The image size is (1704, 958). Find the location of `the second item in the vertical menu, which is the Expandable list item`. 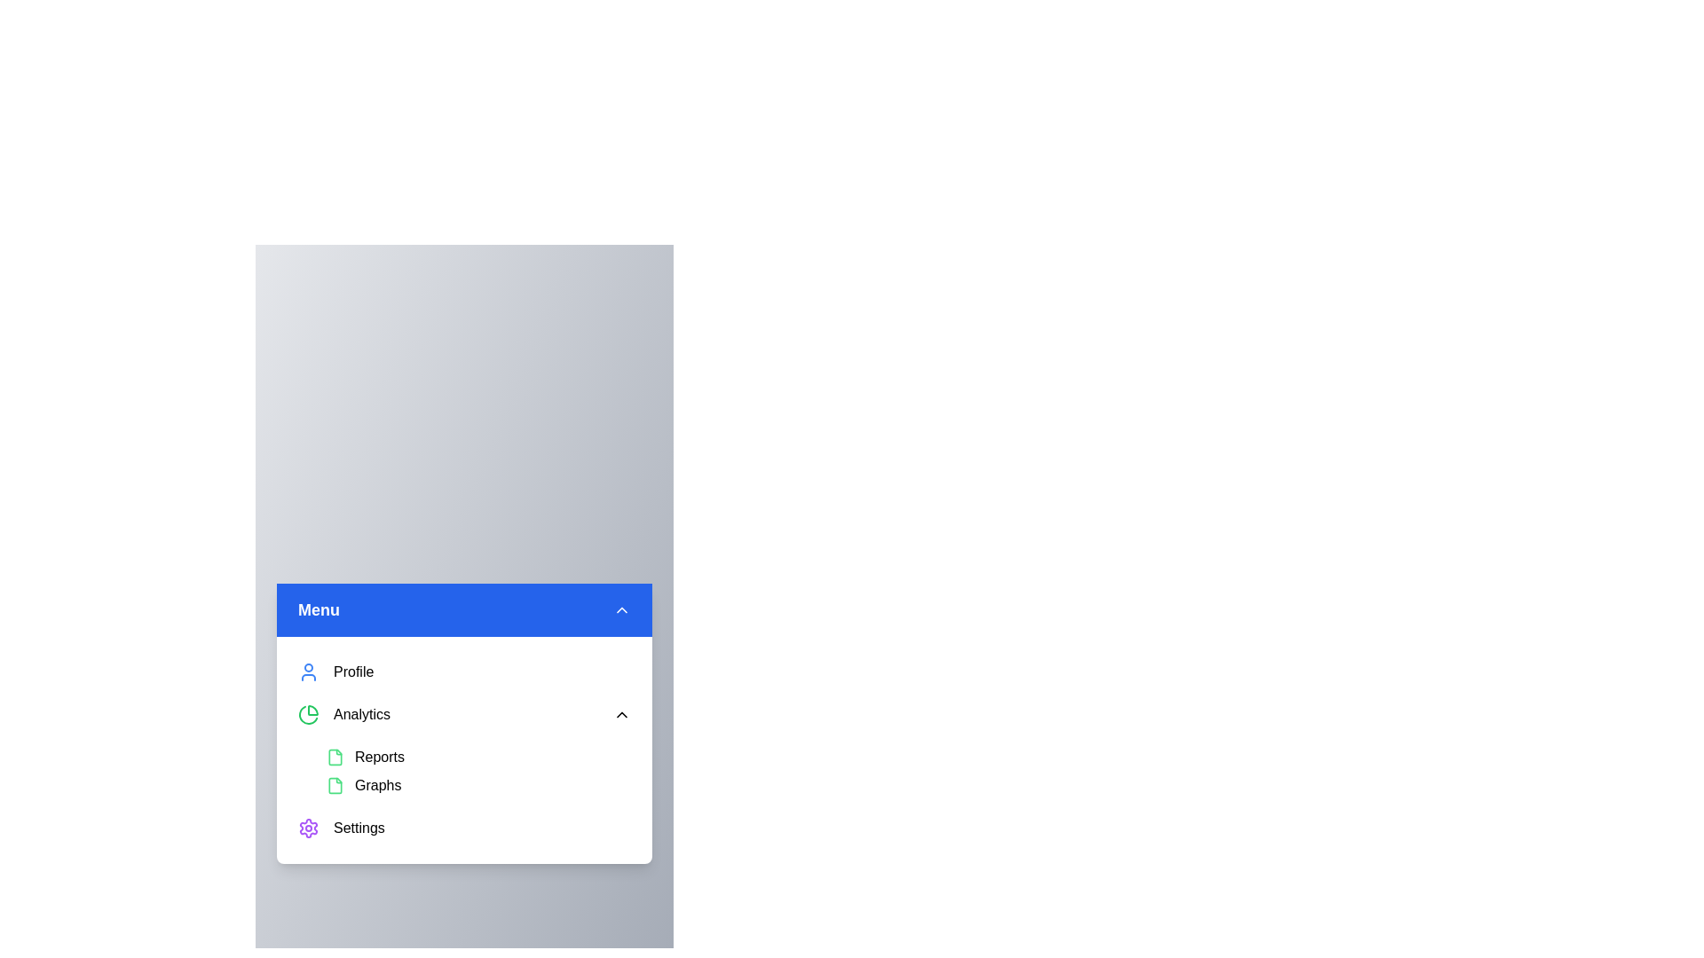

the second item in the vertical menu, which is the Expandable list item is located at coordinates (464, 714).